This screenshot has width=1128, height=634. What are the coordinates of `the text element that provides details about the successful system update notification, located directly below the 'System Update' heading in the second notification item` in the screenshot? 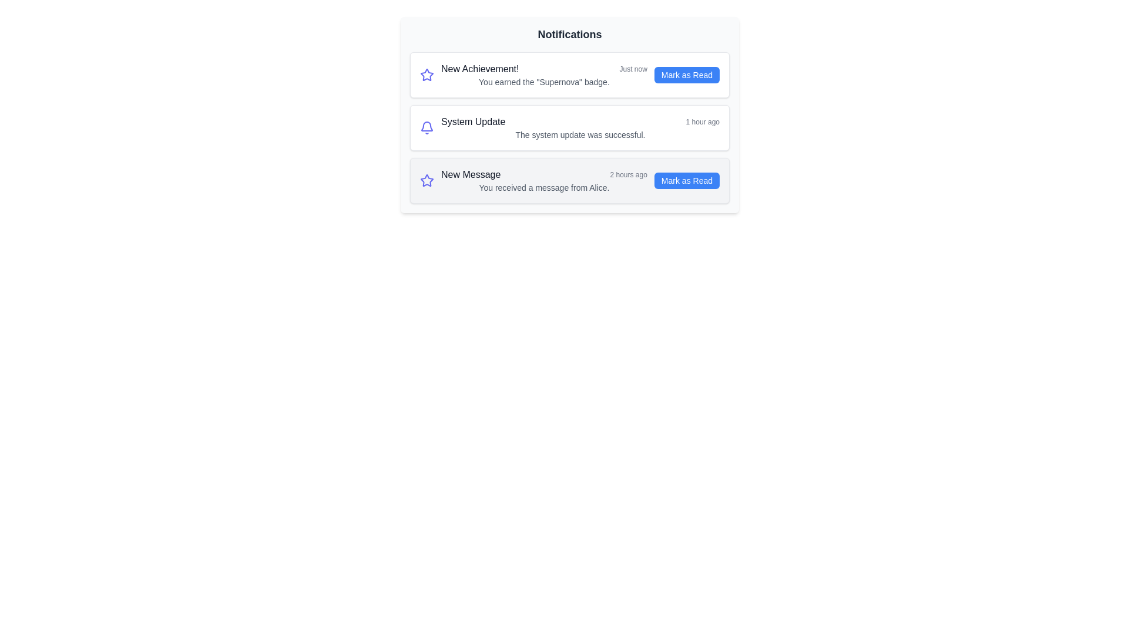 It's located at (580, 134).